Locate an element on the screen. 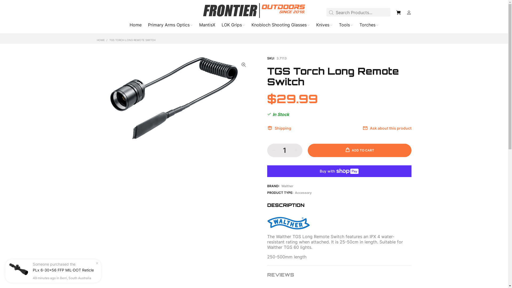  'Knives' is located at coordinates (324, 26).